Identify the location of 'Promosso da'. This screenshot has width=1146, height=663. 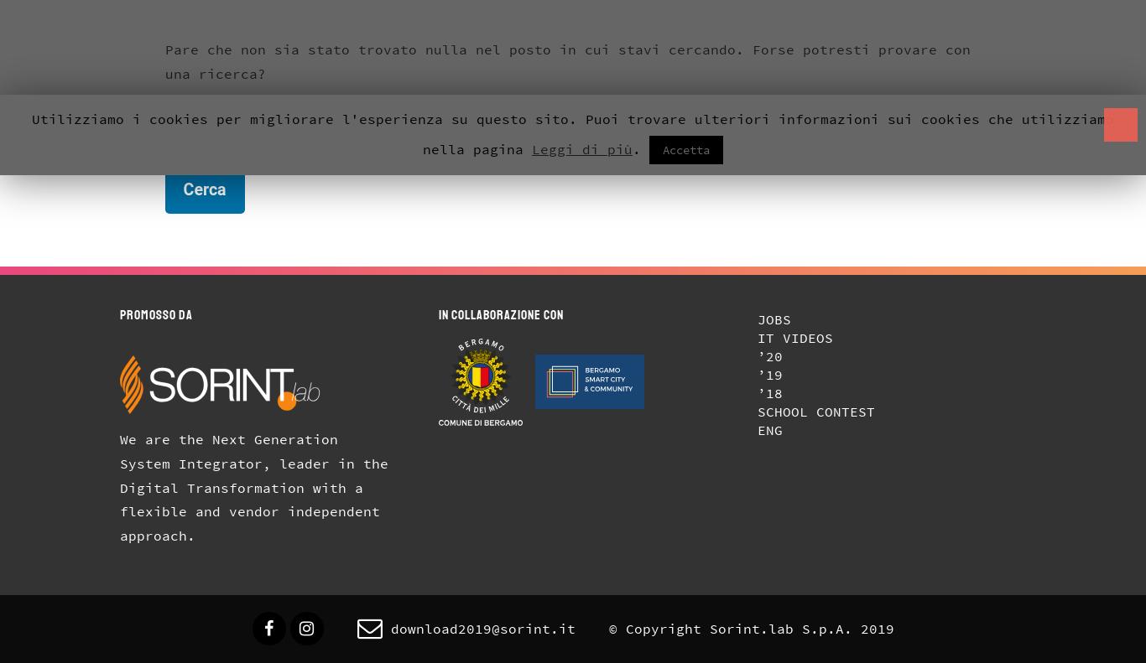
(155, 313).